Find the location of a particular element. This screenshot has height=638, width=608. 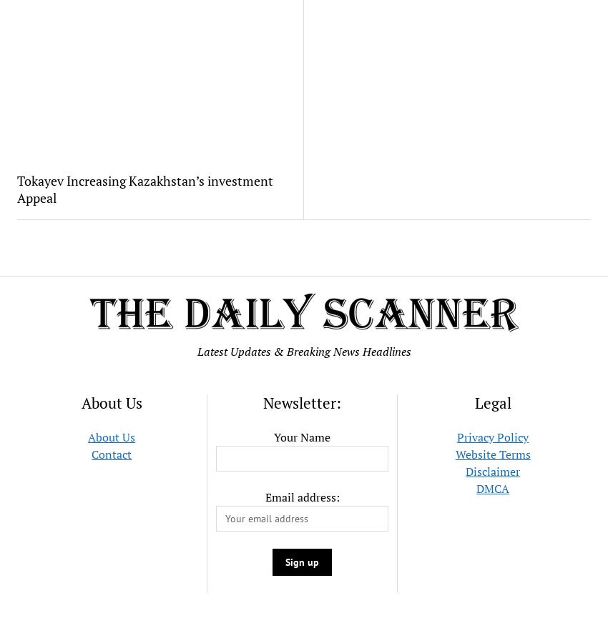

'Email address:' is located at coordinates (302, 497).